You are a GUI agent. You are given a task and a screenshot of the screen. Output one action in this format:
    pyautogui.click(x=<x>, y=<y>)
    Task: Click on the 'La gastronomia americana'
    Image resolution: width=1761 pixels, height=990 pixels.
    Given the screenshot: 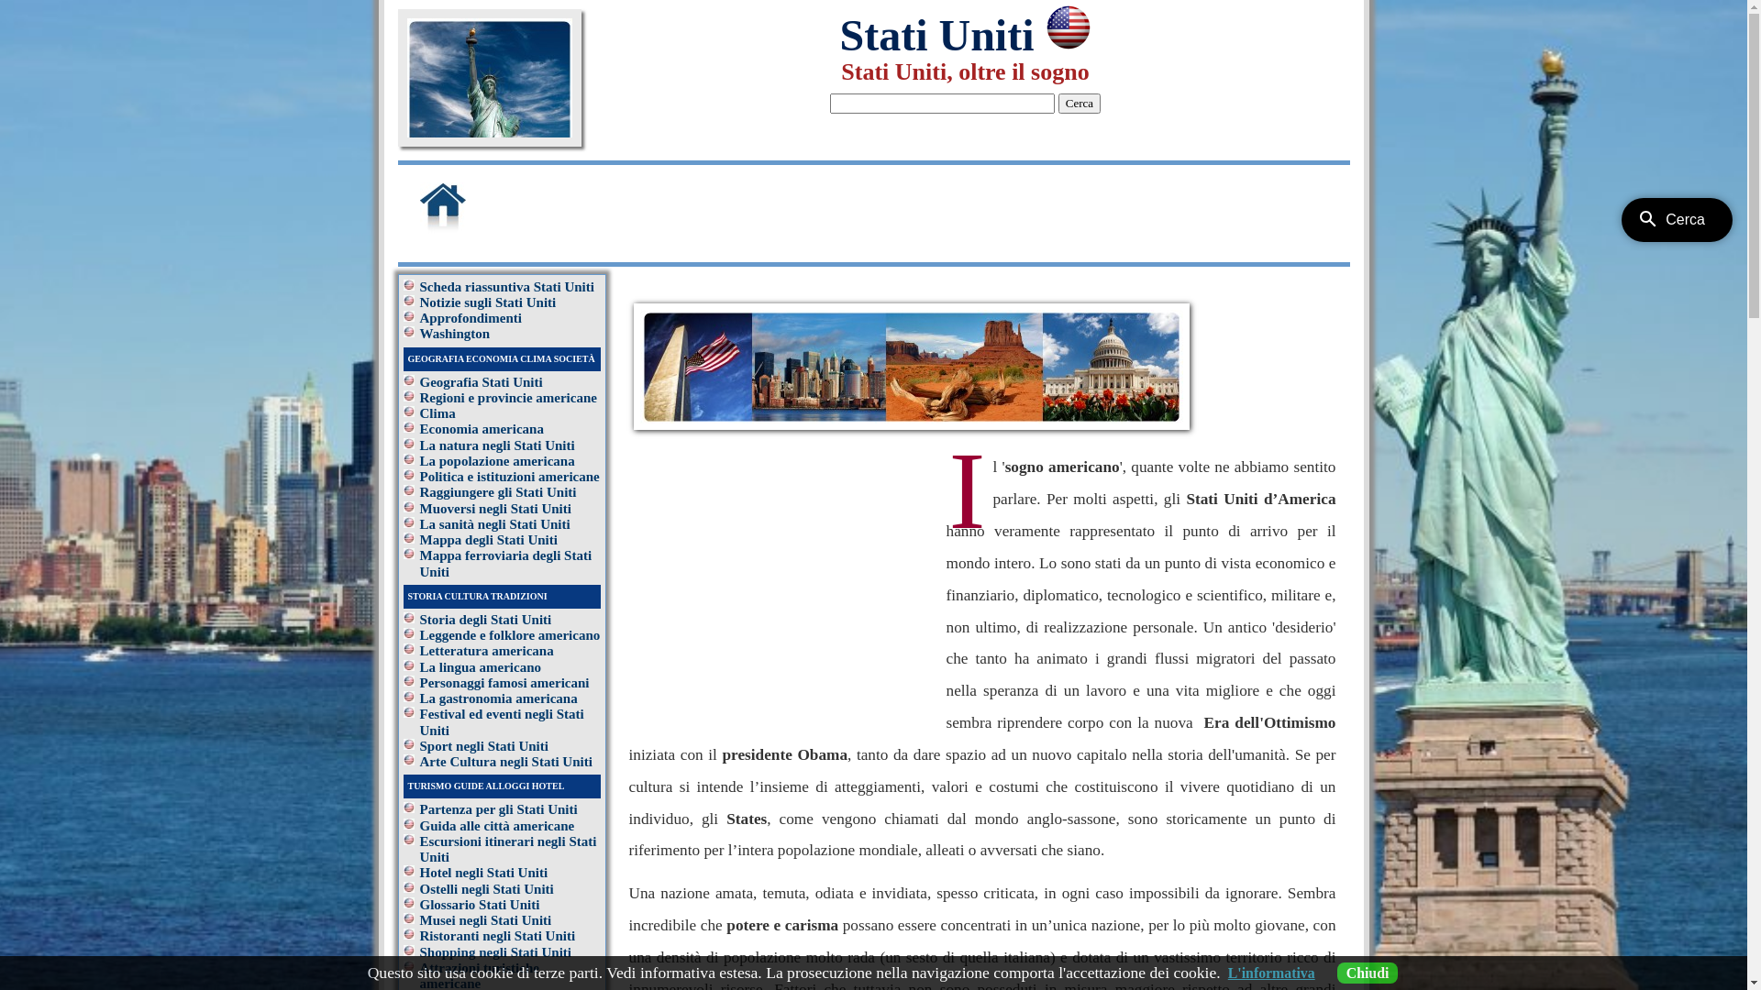 What is the action you would take?
    pyautogui.click(x=418, y=698)
    